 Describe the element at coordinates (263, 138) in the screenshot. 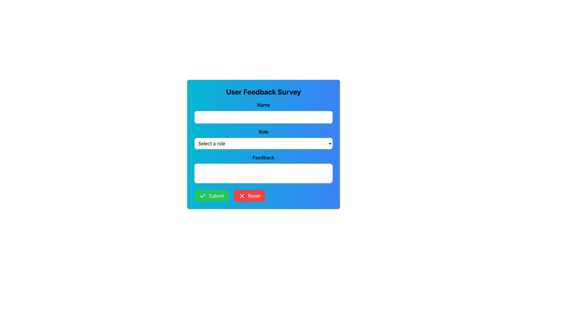

I see `the 'Role' dropdown menu, which is styled with a white background and light grey border` at that location.